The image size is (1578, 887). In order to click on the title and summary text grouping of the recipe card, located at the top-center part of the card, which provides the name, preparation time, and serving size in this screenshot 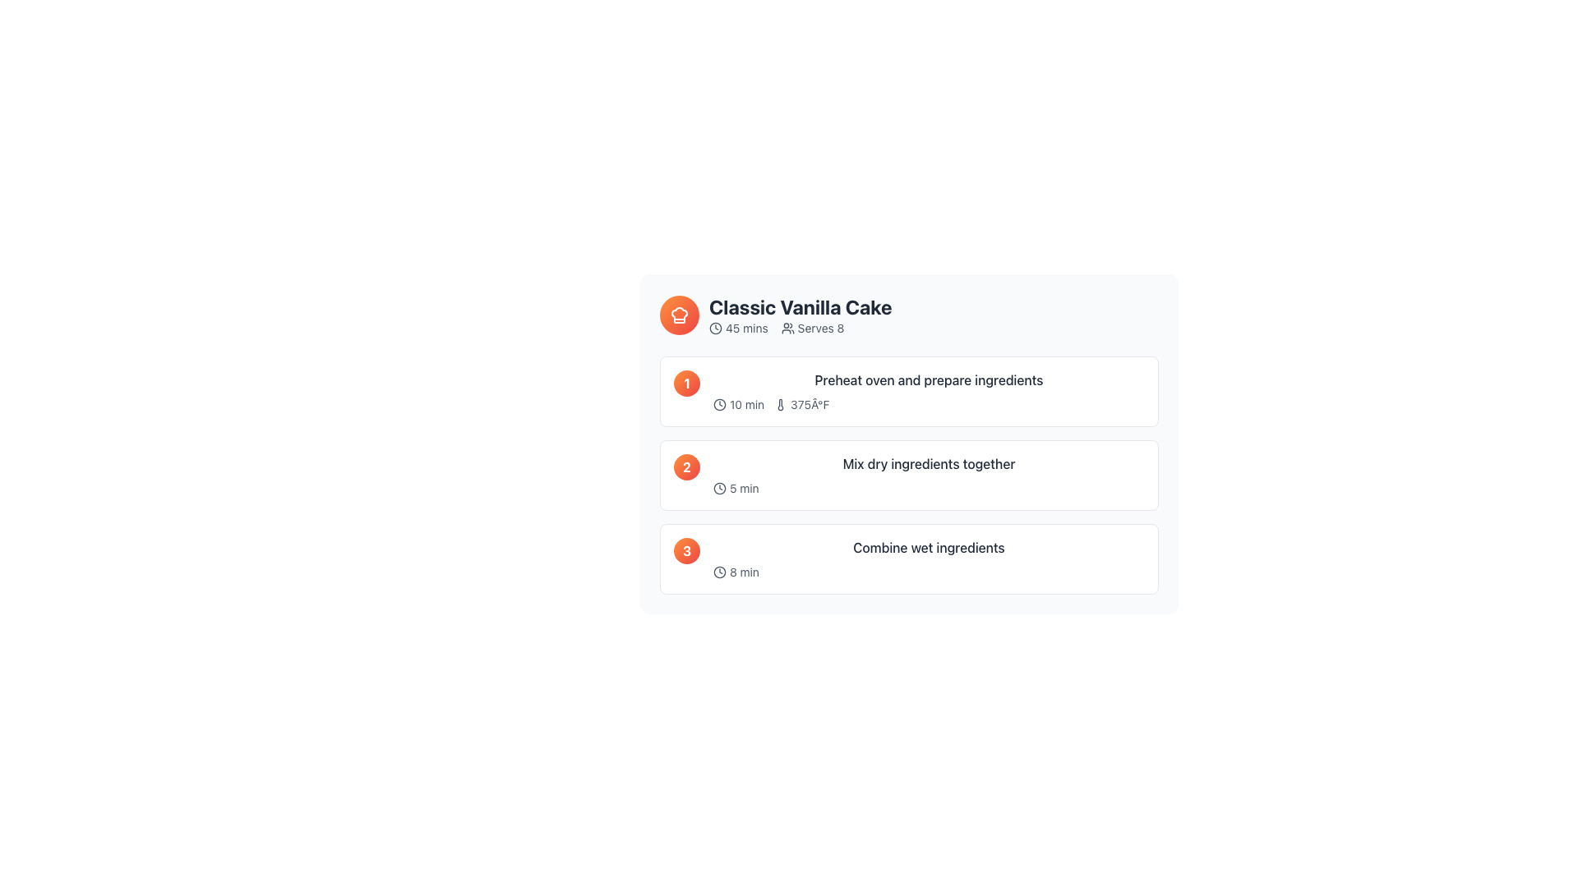, I will do `click(801, 315)`.